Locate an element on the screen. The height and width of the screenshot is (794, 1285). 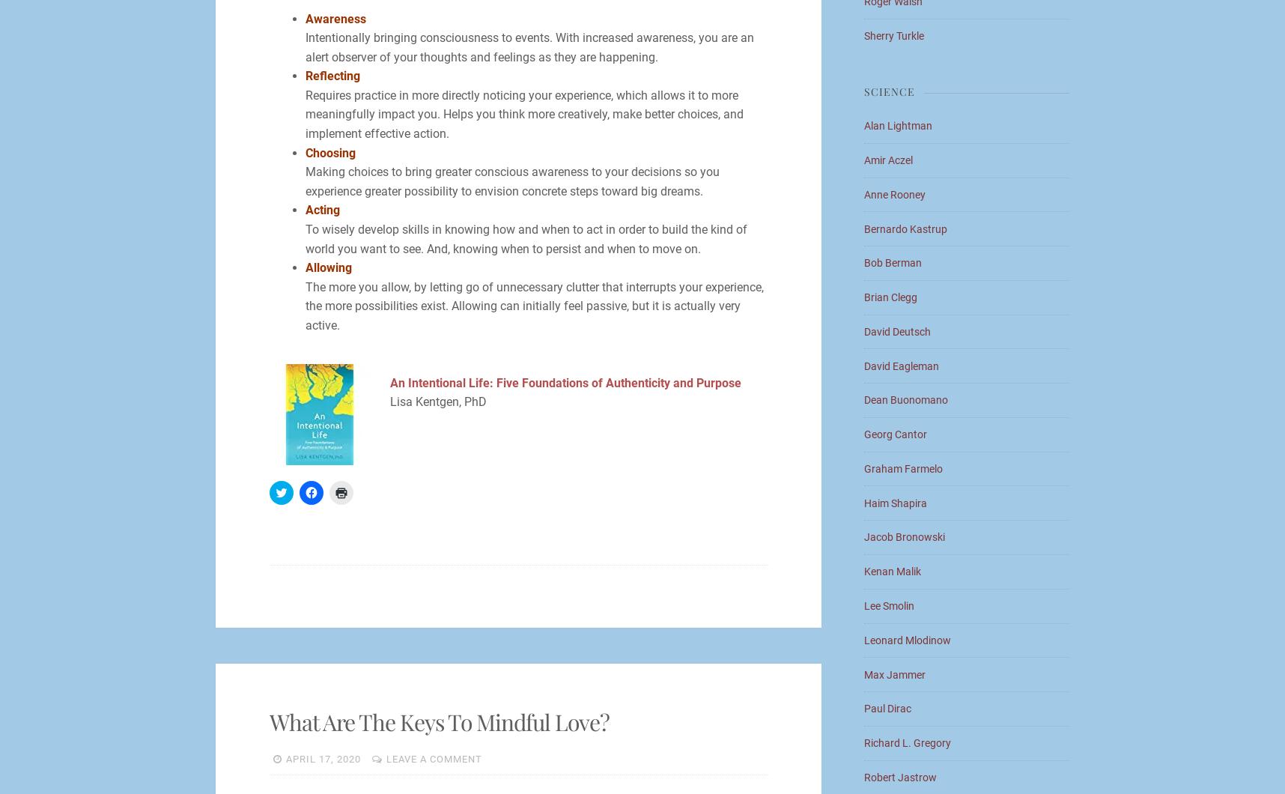
'Lisa Kentgen, PhD' is located at coordinates (388, 401).